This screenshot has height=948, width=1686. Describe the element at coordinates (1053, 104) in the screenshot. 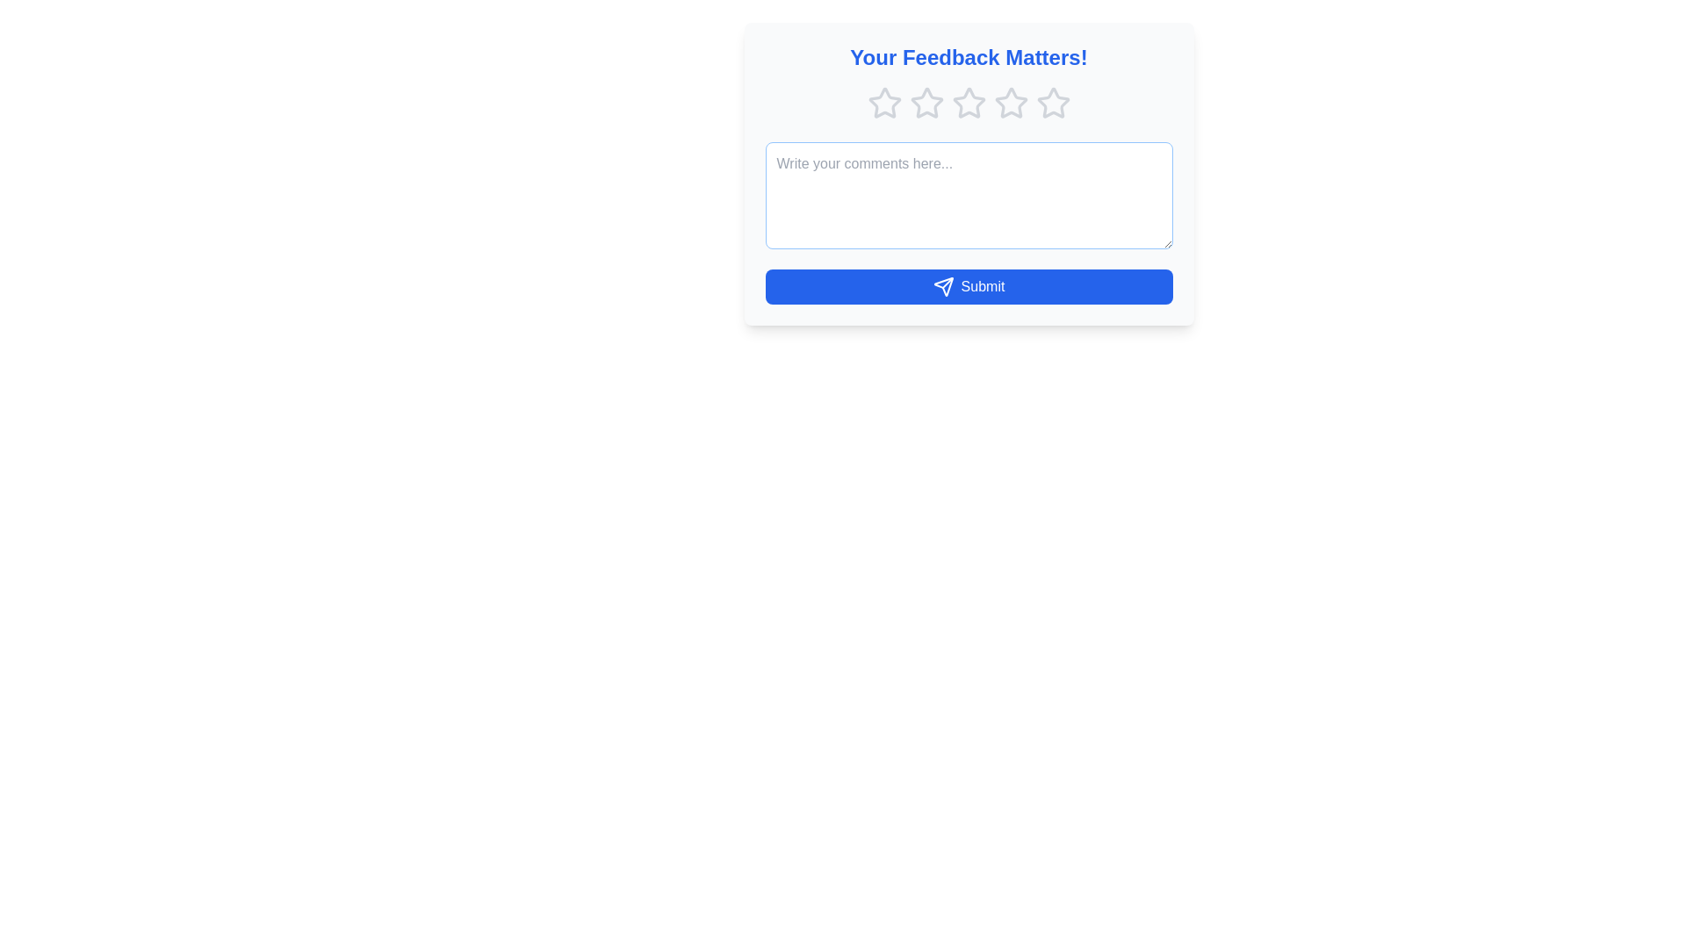

I see `the fifth star icon in the rating control under the header 'Your Feedback Matters!'` at that location.